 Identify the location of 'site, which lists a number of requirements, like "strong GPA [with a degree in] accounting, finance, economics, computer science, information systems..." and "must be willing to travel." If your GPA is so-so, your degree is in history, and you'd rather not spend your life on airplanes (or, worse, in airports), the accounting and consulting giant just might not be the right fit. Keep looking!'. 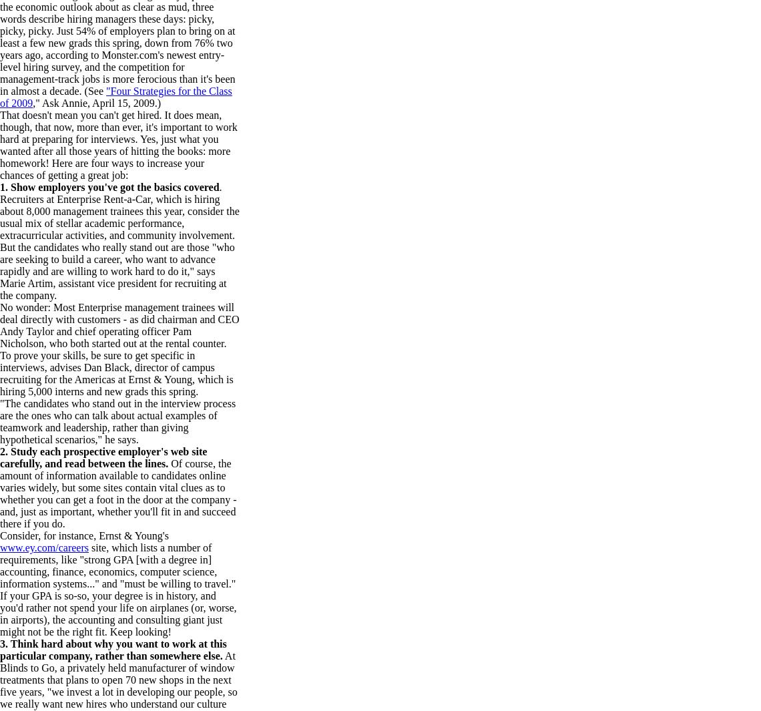
(118, 589).